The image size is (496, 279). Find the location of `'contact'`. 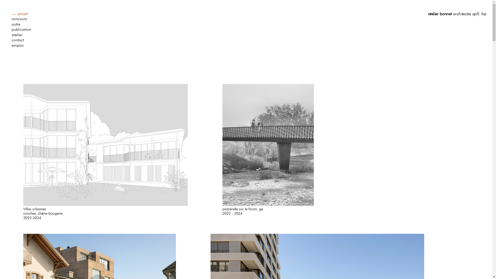

'contact' is located at coordinates (24, 40).